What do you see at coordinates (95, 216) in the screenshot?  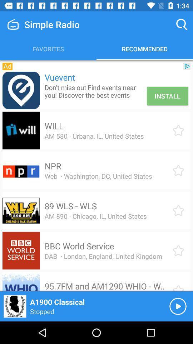 I see `the icon below 89 wls - wls item` at bounding box center [95, 216].